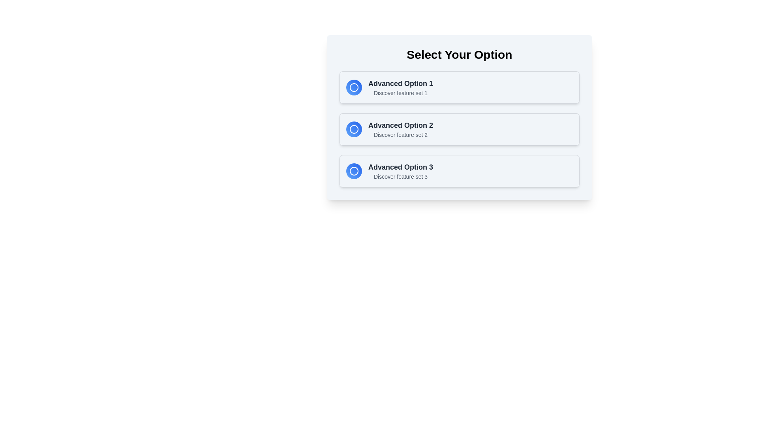  I want to click on the blue circular icon with a white border located next to the label 'Advanced Option 2', so click(354, 129).